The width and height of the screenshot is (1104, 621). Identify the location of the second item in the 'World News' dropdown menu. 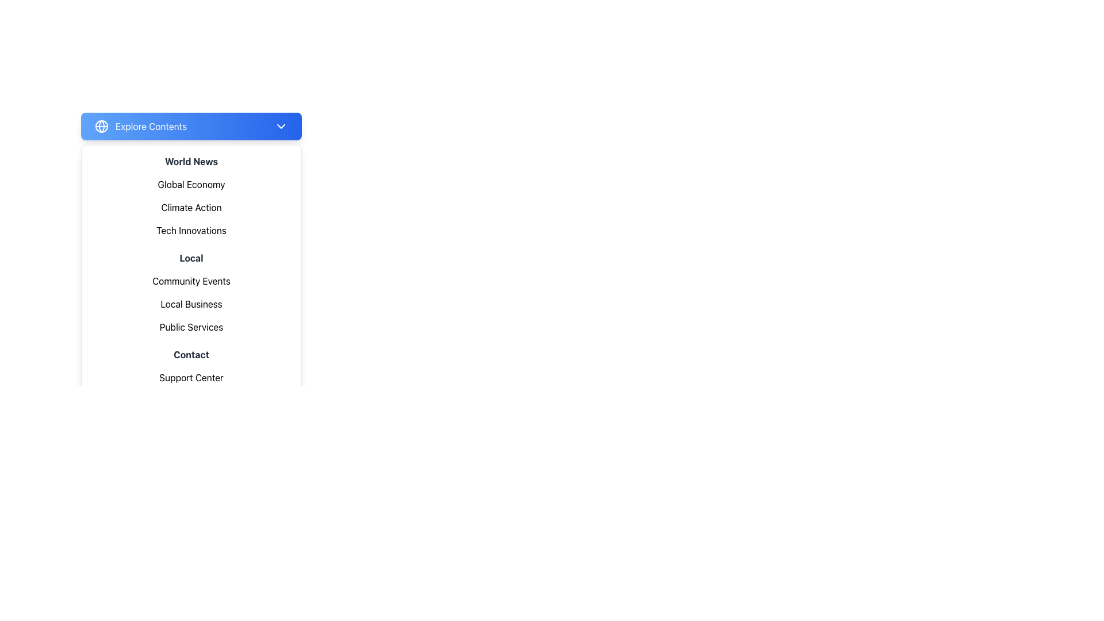
(191, 208).